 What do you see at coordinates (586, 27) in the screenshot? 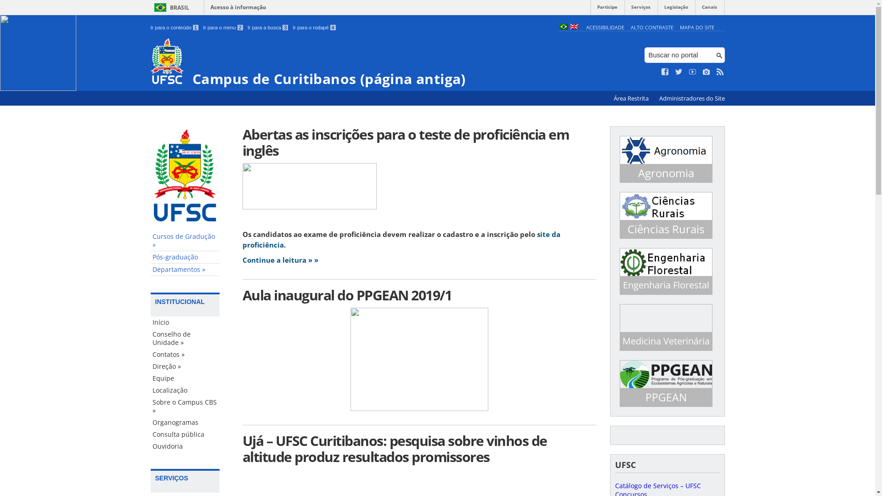
I see `'ACESSIBILIDADE'` at bounding box center [586, 27].